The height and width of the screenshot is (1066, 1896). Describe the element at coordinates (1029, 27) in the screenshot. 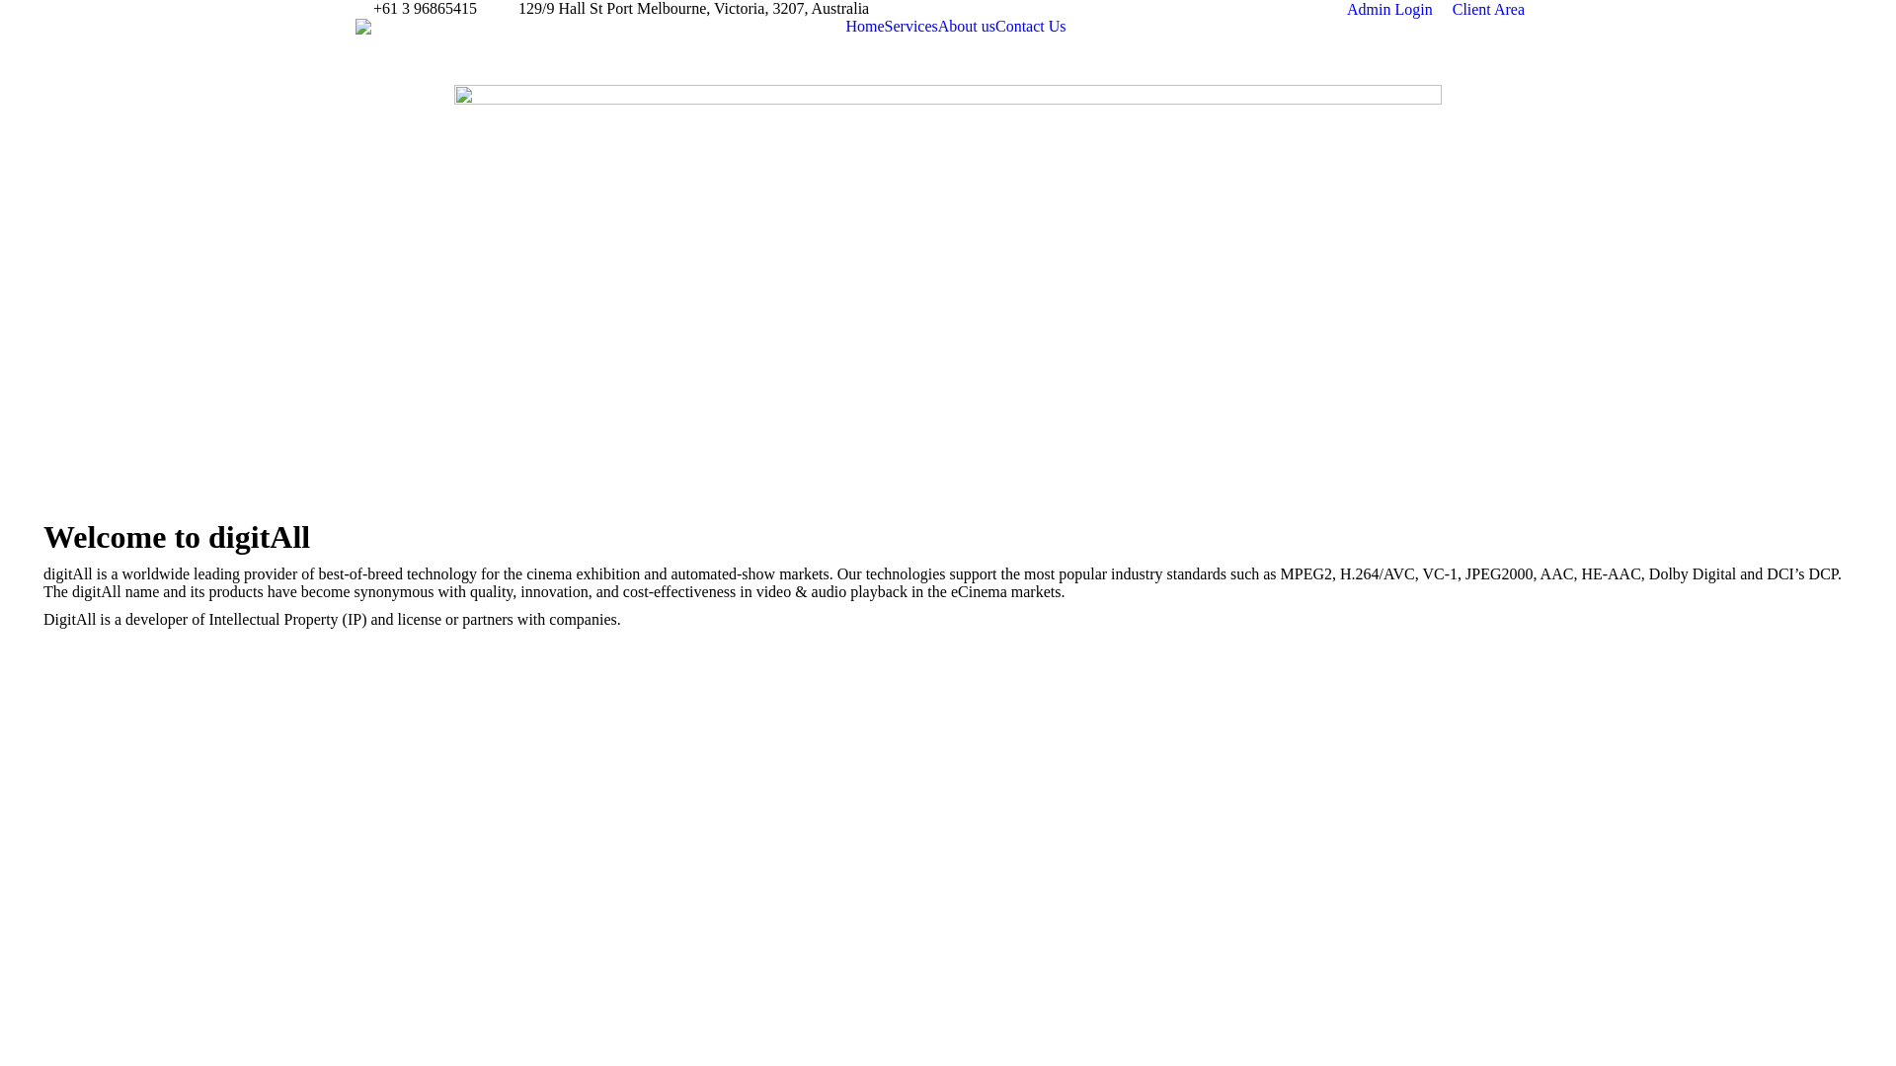

I see `'Contact Us'` at that location.